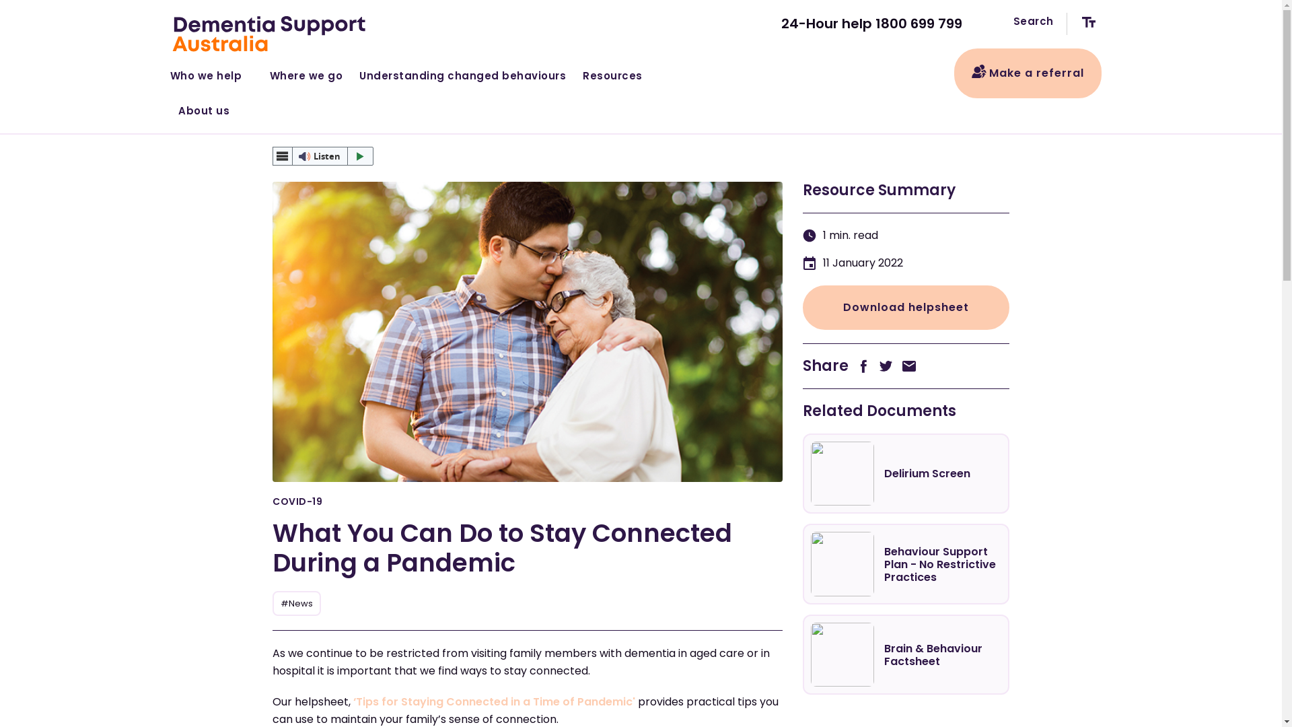 The height and width of the screenshot is (727, 1292). I want to click on 'Behaviour Support Plan - No Restrictive Practices', so click(905, 563).